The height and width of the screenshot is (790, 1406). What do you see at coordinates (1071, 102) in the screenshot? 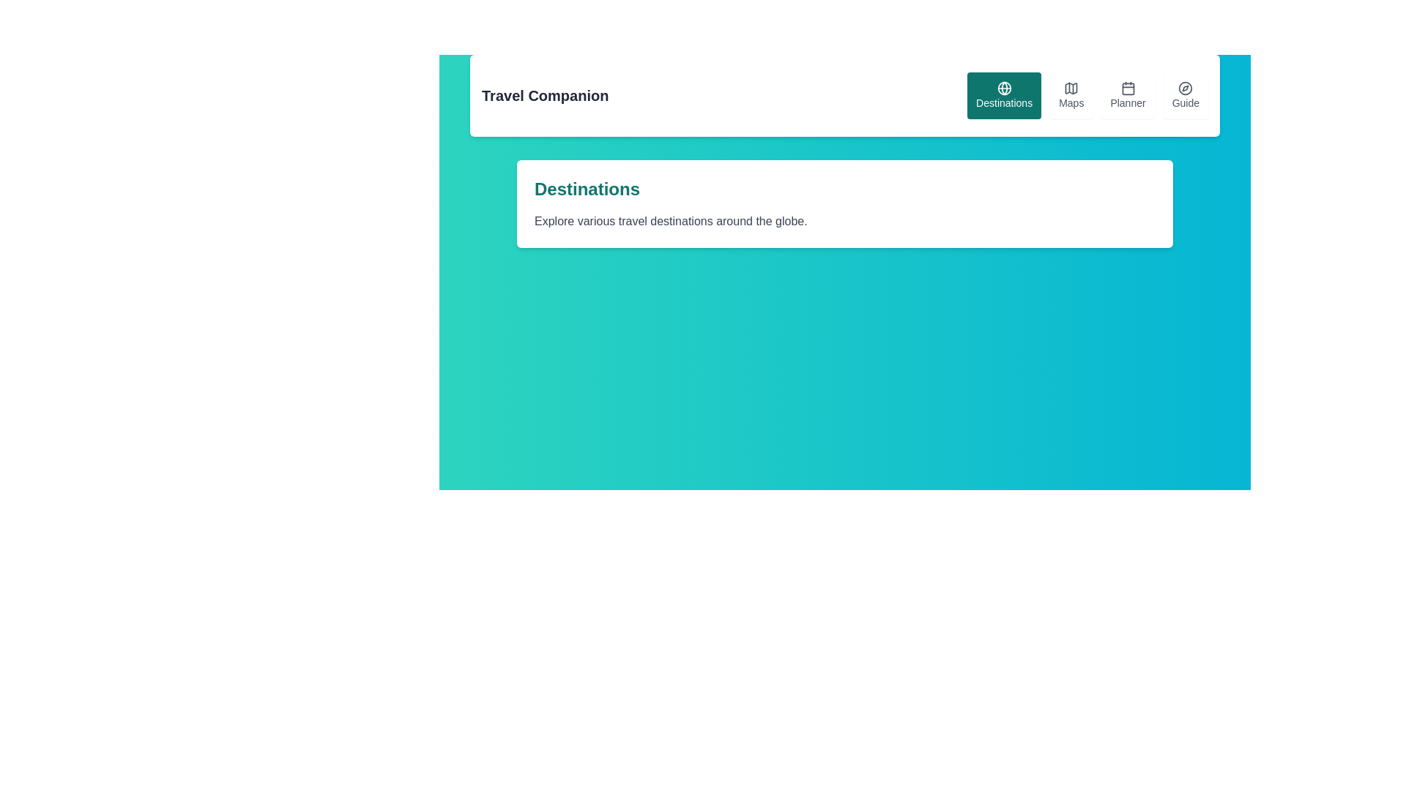
I see `the interactive button labeled 'Maps' in the navigation bar, located to the right of the 'Destinations' button and to the left of the 'Planner' button` at bounding box center [1071, 102].